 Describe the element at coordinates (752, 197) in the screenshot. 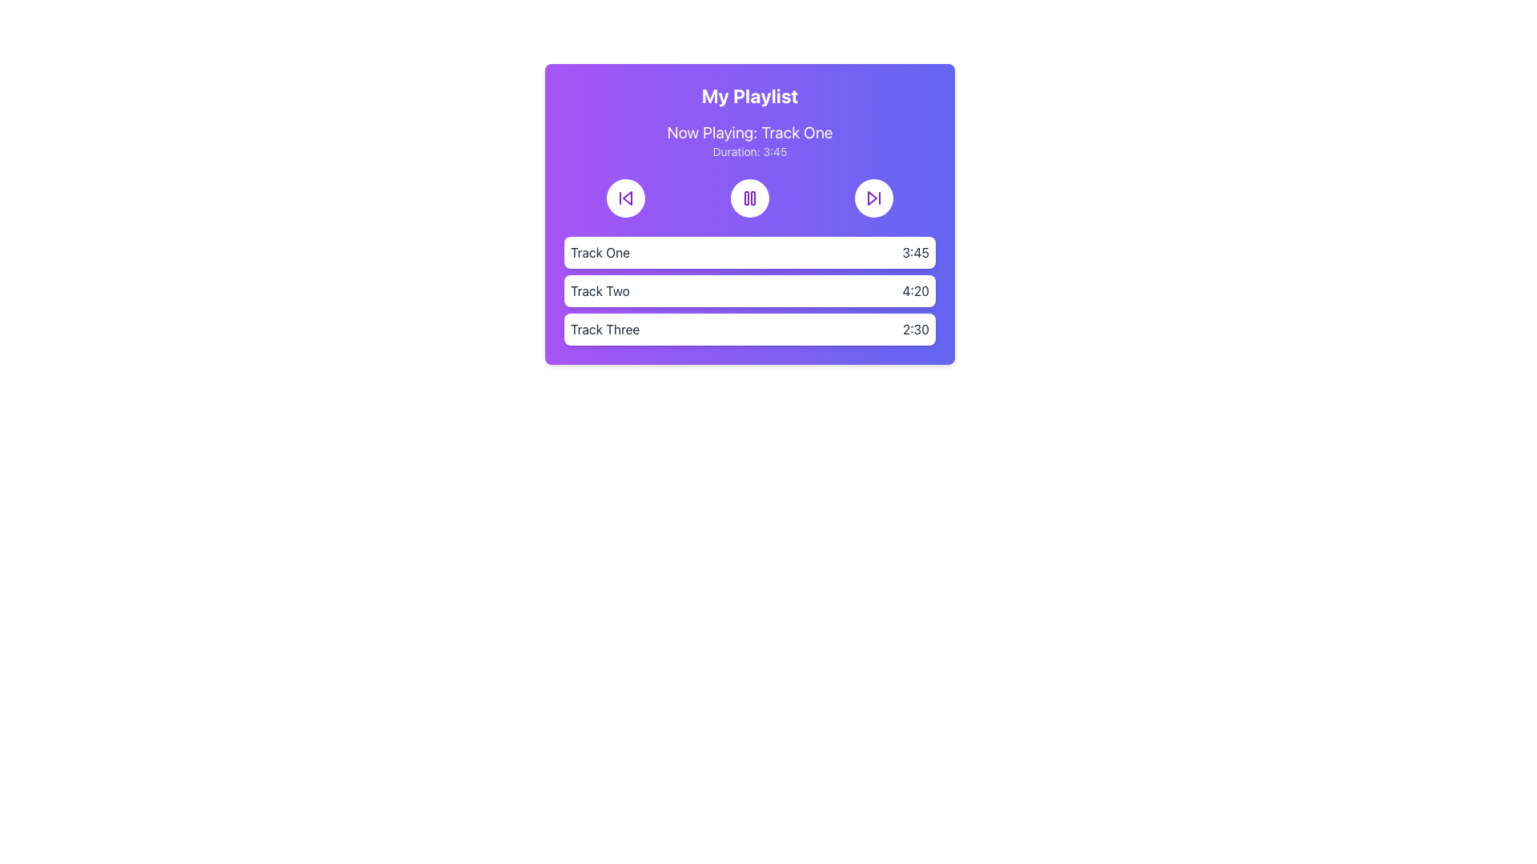

I see `the right bar of the pause icon in the music player, located at the center top of the music player card` at that location.